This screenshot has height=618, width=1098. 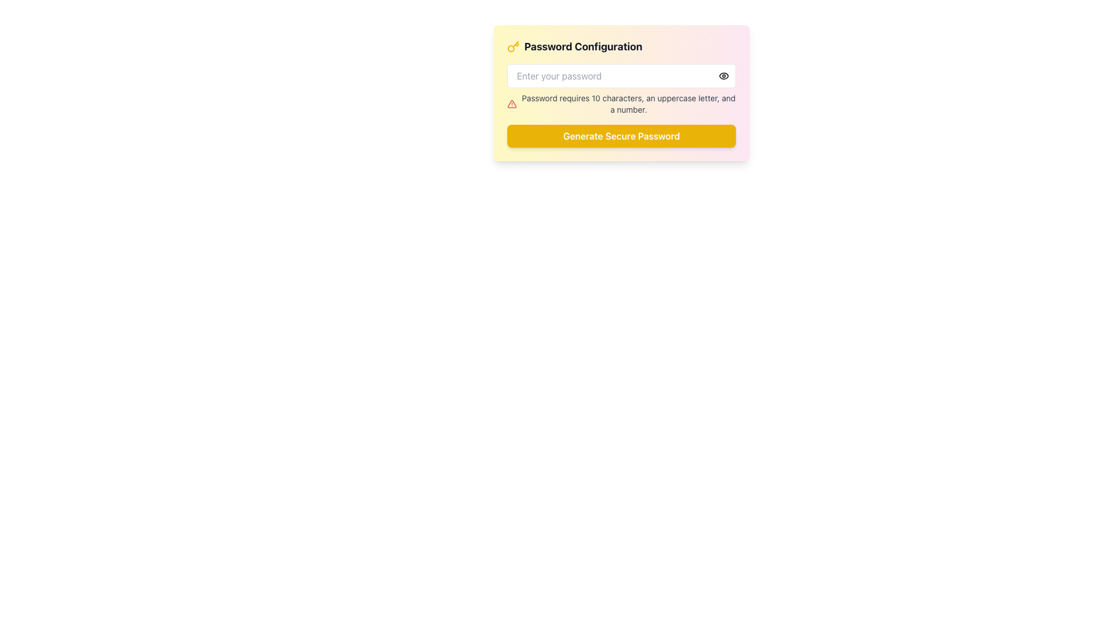 I want to click on the red triangular SVG icon that is positioned to the left of the password requirements text and above the orange 'Generate Secure Password' button, so click(x=511, y=104).